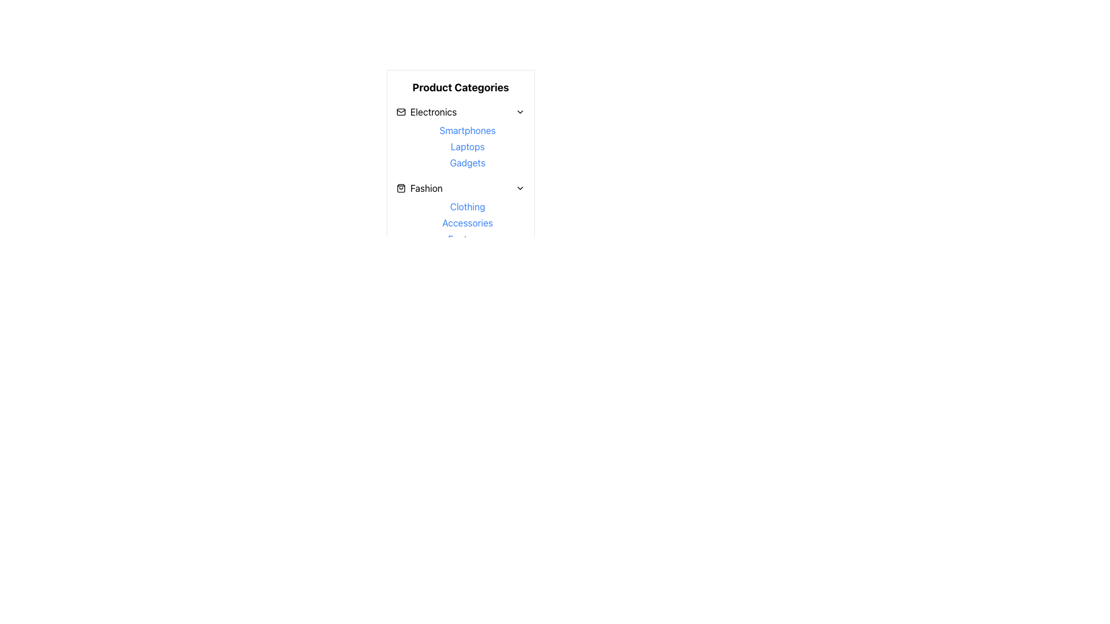 The height and width of the screenshot is (624, 1110). I want to click on the navigation links for keyboard navigation in the third subcategory ('Footwear') under the 'Fashion' category in the 'Product Categories' sidebar, so click(460, 214).